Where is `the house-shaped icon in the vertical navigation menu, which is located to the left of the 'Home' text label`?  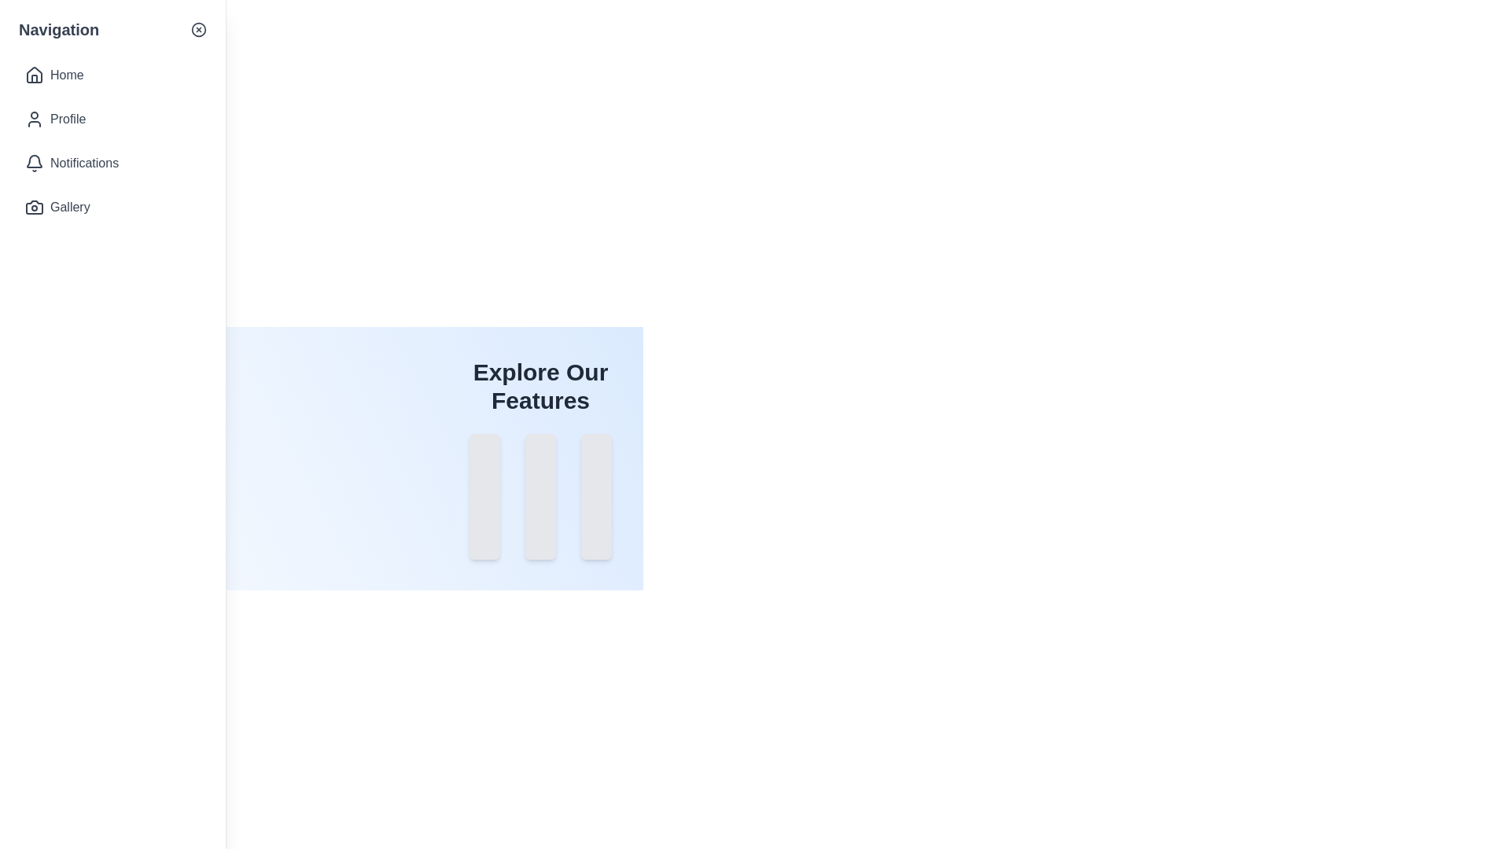
the house-shaped icon in the vertical navigation menu, which is located to the left of the 'Home' text label is located at coordinates (34, 75).